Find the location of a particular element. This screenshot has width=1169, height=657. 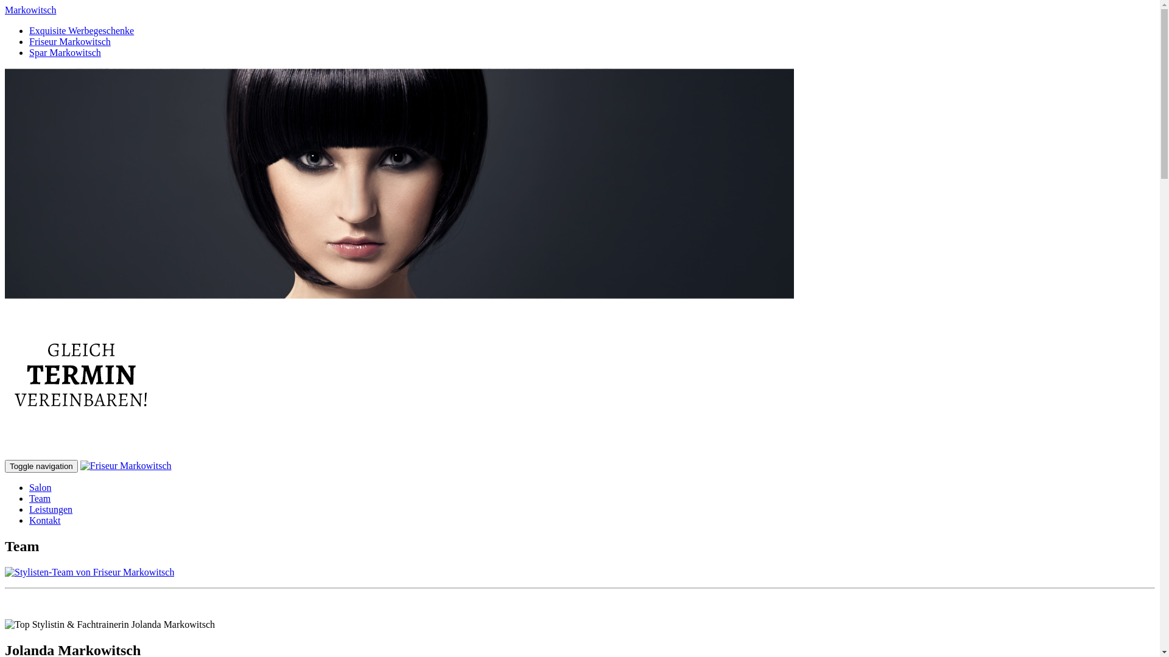

'Kontakt' is located at coordinates (44, 520).